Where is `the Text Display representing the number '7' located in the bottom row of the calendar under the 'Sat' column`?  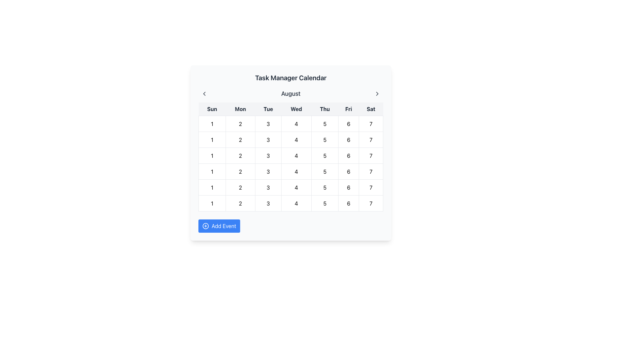 the Text Display representing the number '7' located in the bottom row of the calendar under the 'Sat' column is located at coordinates (371, 139).